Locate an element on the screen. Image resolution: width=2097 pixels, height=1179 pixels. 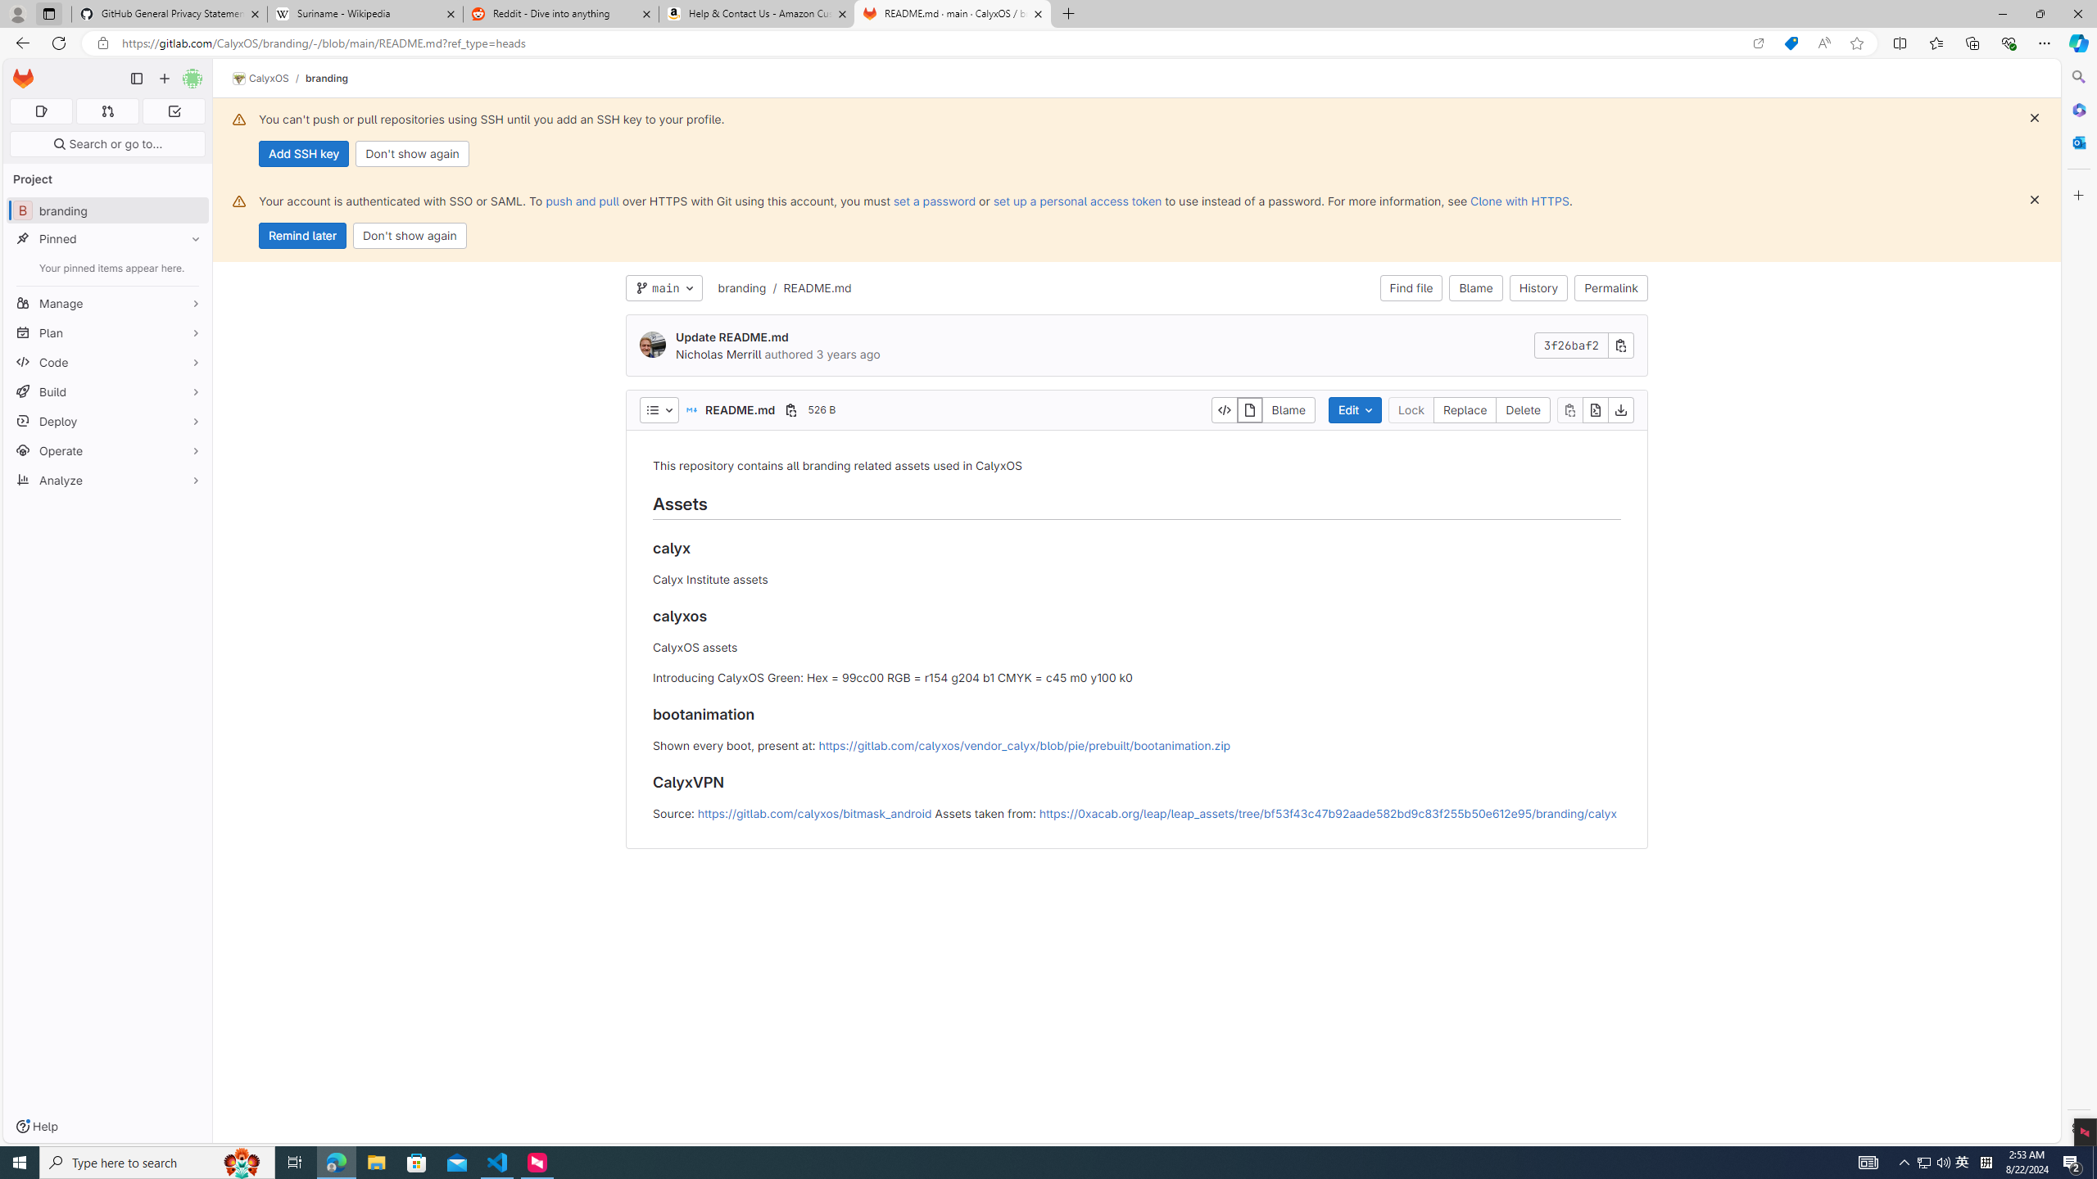
'branding' is located at coordinates (741, 288).